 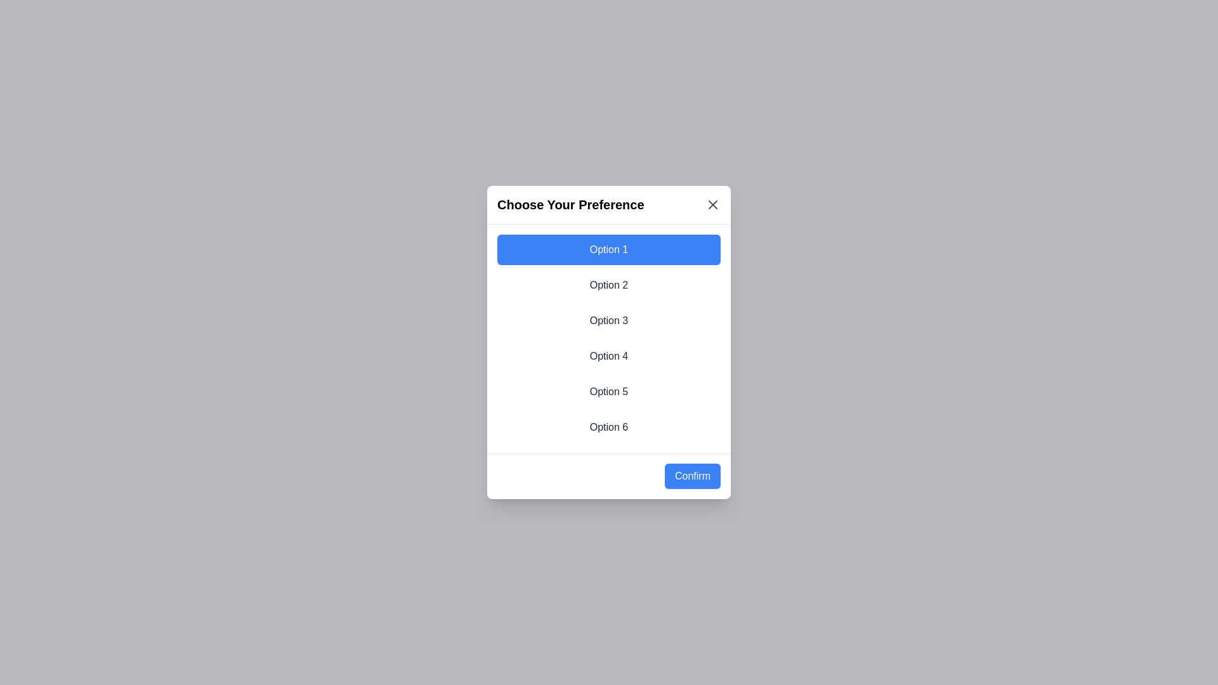 What do you see at coordinates (609, 249) in the screenshot?
I see `the option 1 from the list` at bounding box center [609, 249].